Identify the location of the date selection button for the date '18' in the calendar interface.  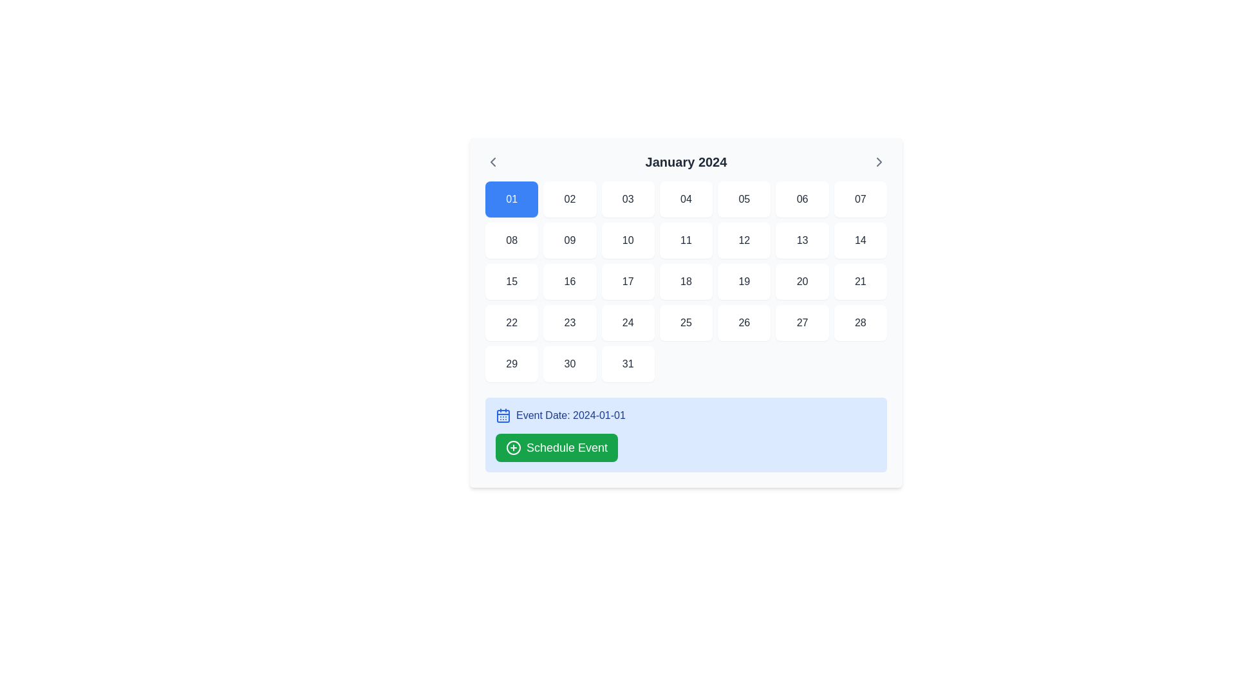
(685, 281).